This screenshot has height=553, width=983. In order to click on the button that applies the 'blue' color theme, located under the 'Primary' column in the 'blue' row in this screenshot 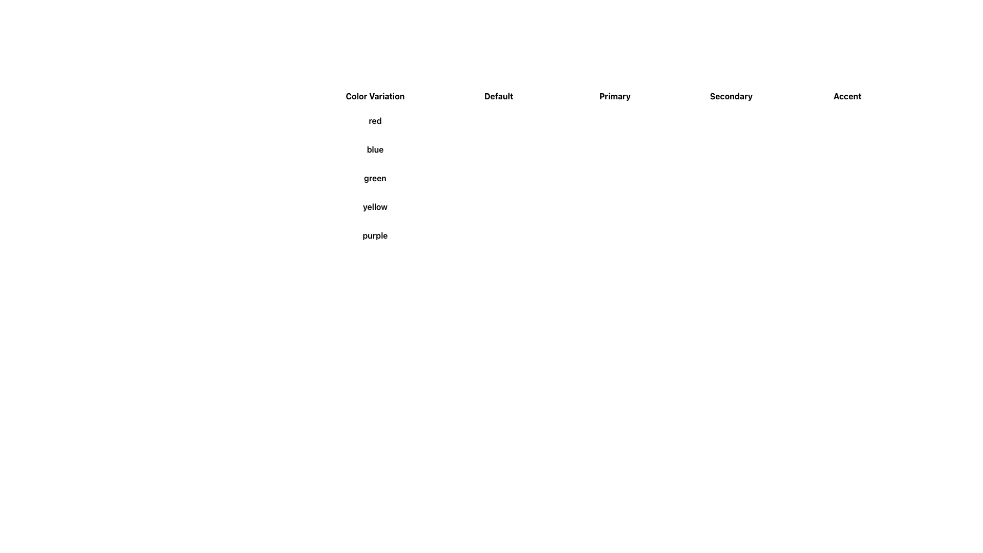, I will do `click(586, 150)`.